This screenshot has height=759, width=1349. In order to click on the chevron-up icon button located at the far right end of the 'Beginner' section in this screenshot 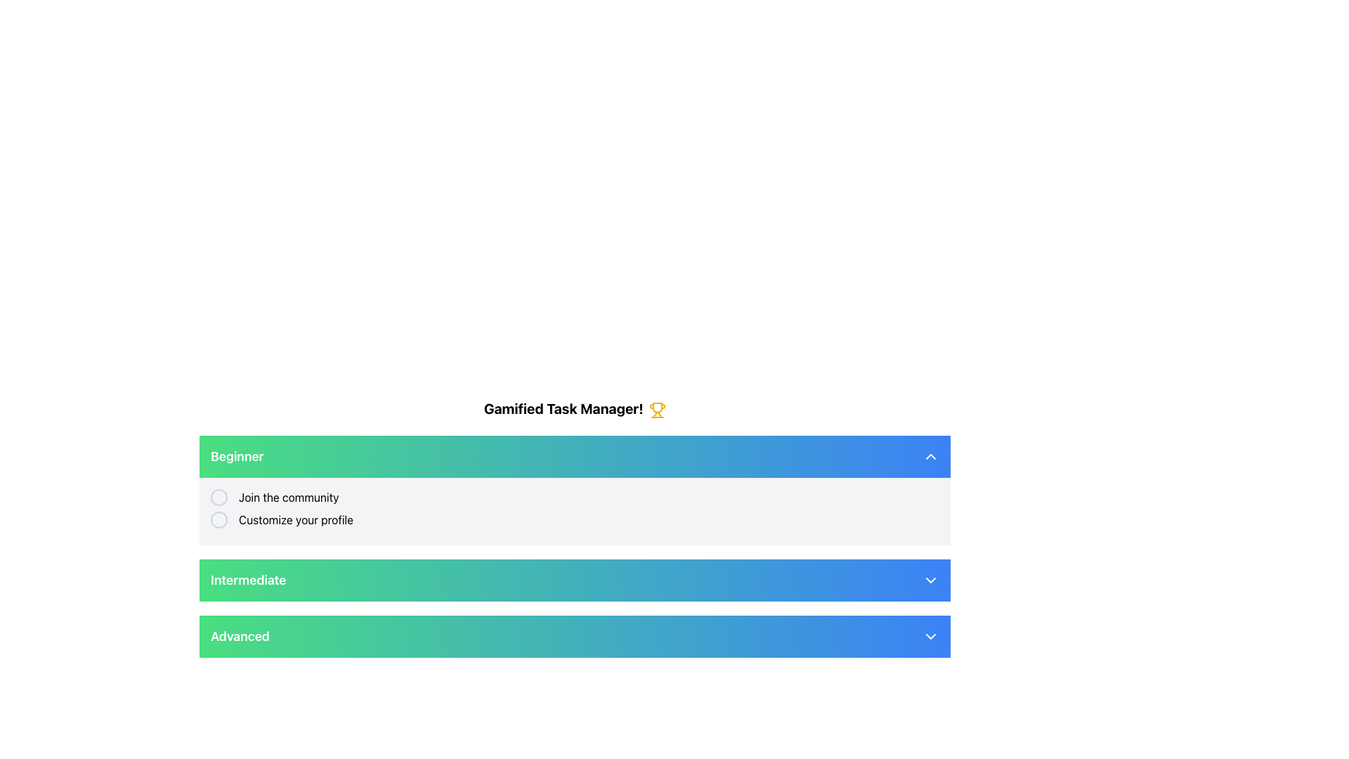, I will do `click(930, 457)`.